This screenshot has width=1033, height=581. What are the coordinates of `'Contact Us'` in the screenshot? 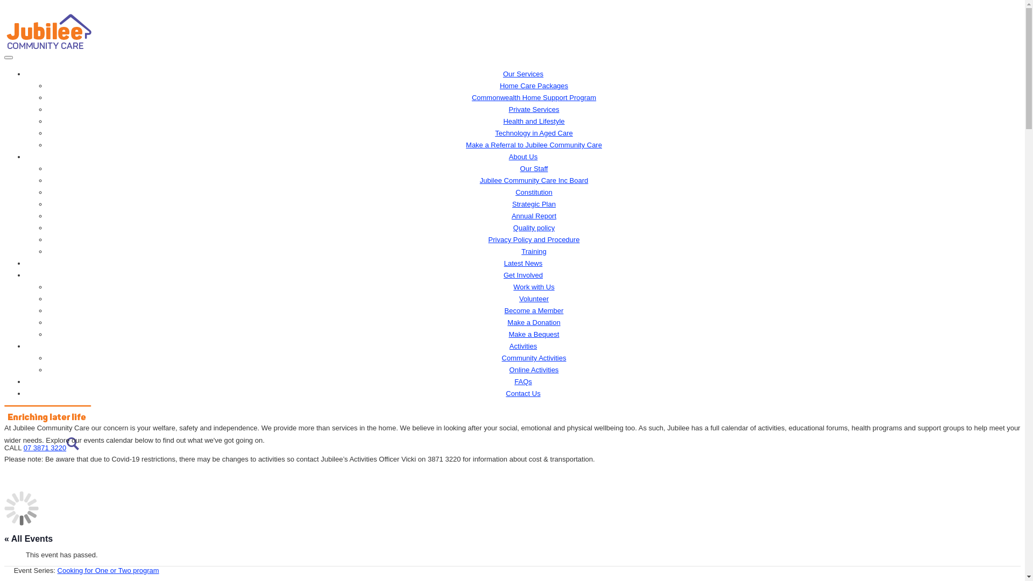 It's located at (505, 394).